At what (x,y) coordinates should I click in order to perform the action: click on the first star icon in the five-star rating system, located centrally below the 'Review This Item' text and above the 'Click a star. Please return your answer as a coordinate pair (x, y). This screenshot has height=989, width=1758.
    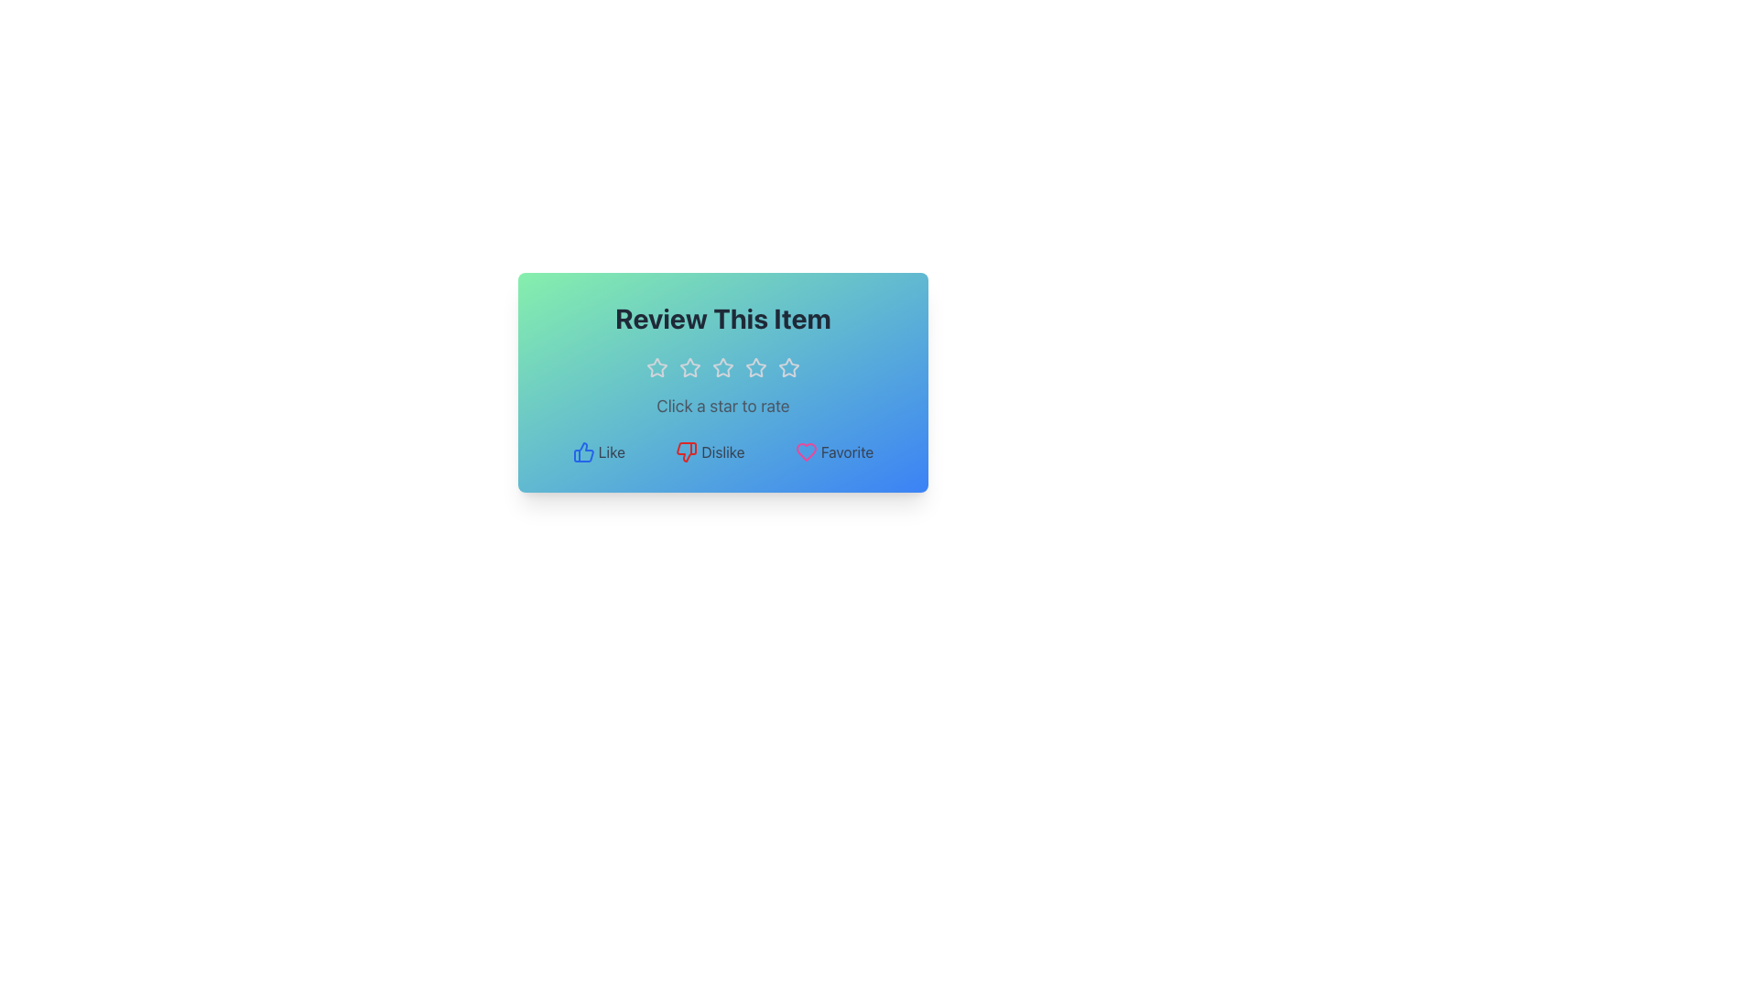
    Looking at the image, I should click on (657, 367).